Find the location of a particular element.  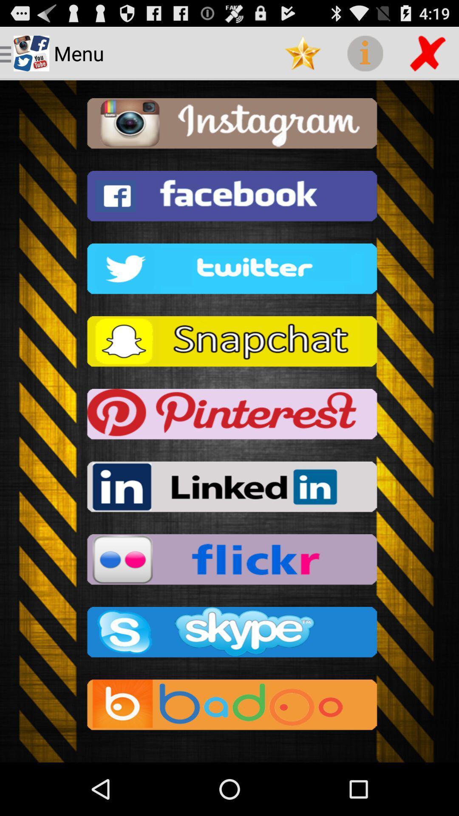

info icon which is next to star icon is located at coordinates (365, 53).